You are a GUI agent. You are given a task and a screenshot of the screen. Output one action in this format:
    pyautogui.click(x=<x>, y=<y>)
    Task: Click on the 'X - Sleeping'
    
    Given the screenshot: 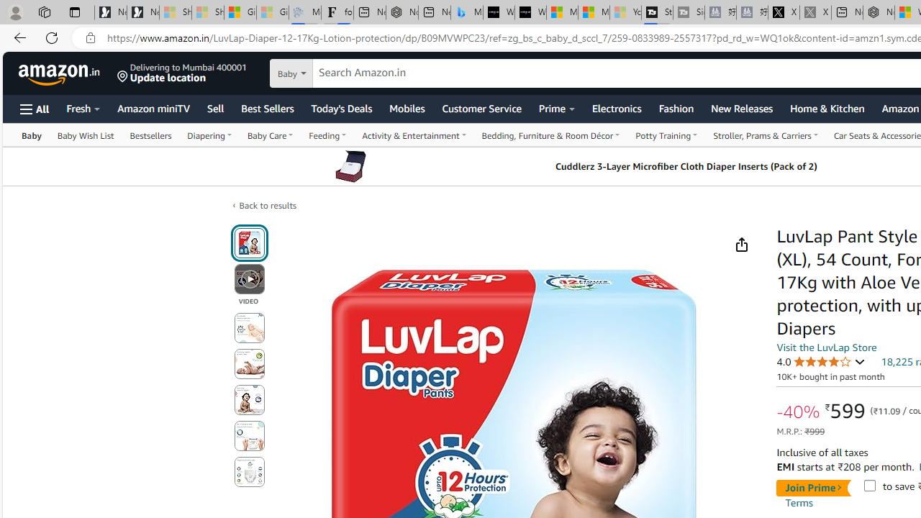 What is the action you would take?
    pyautogui.click(x=815, y=12)
    